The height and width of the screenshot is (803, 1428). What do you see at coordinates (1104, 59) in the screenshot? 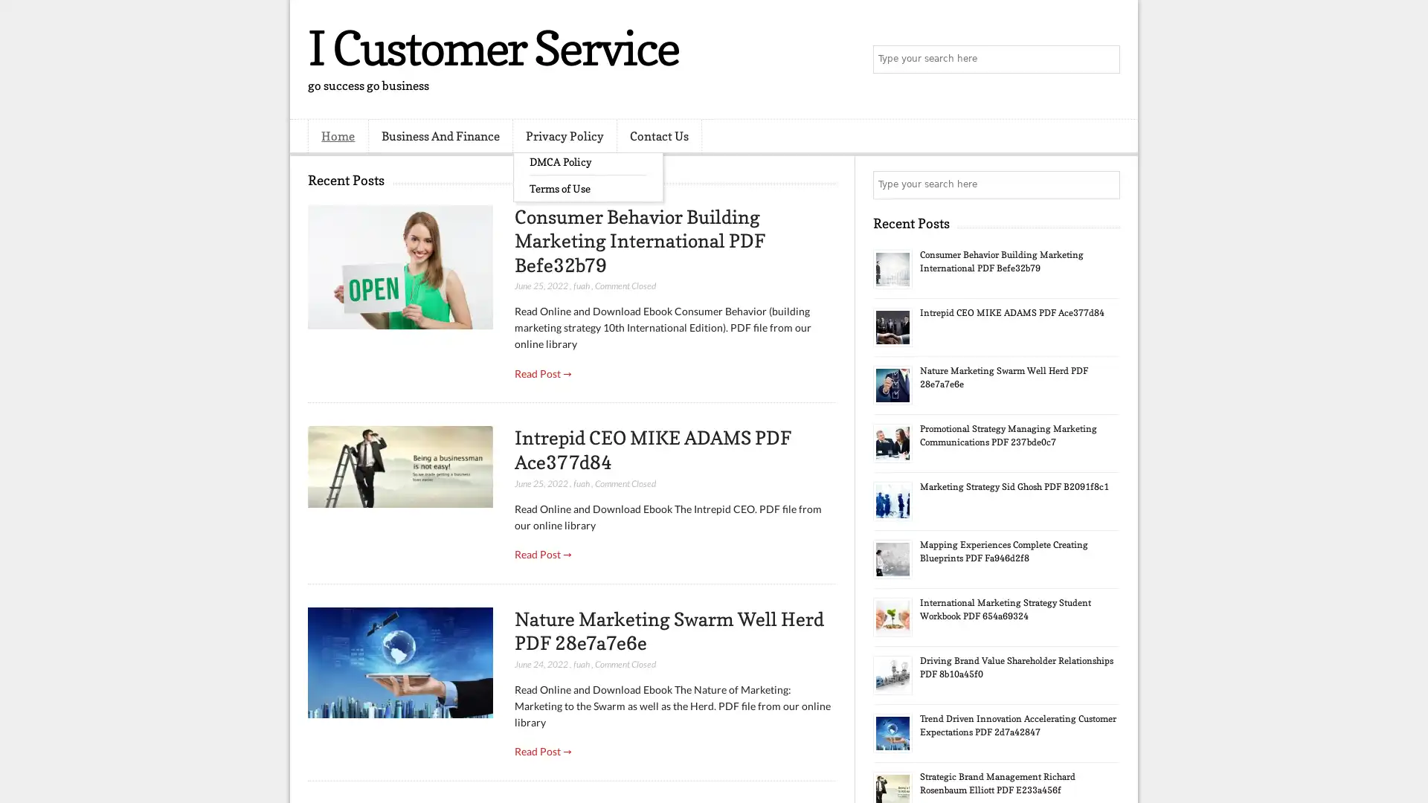
I see `Search` at bounding box center [1104, 59].